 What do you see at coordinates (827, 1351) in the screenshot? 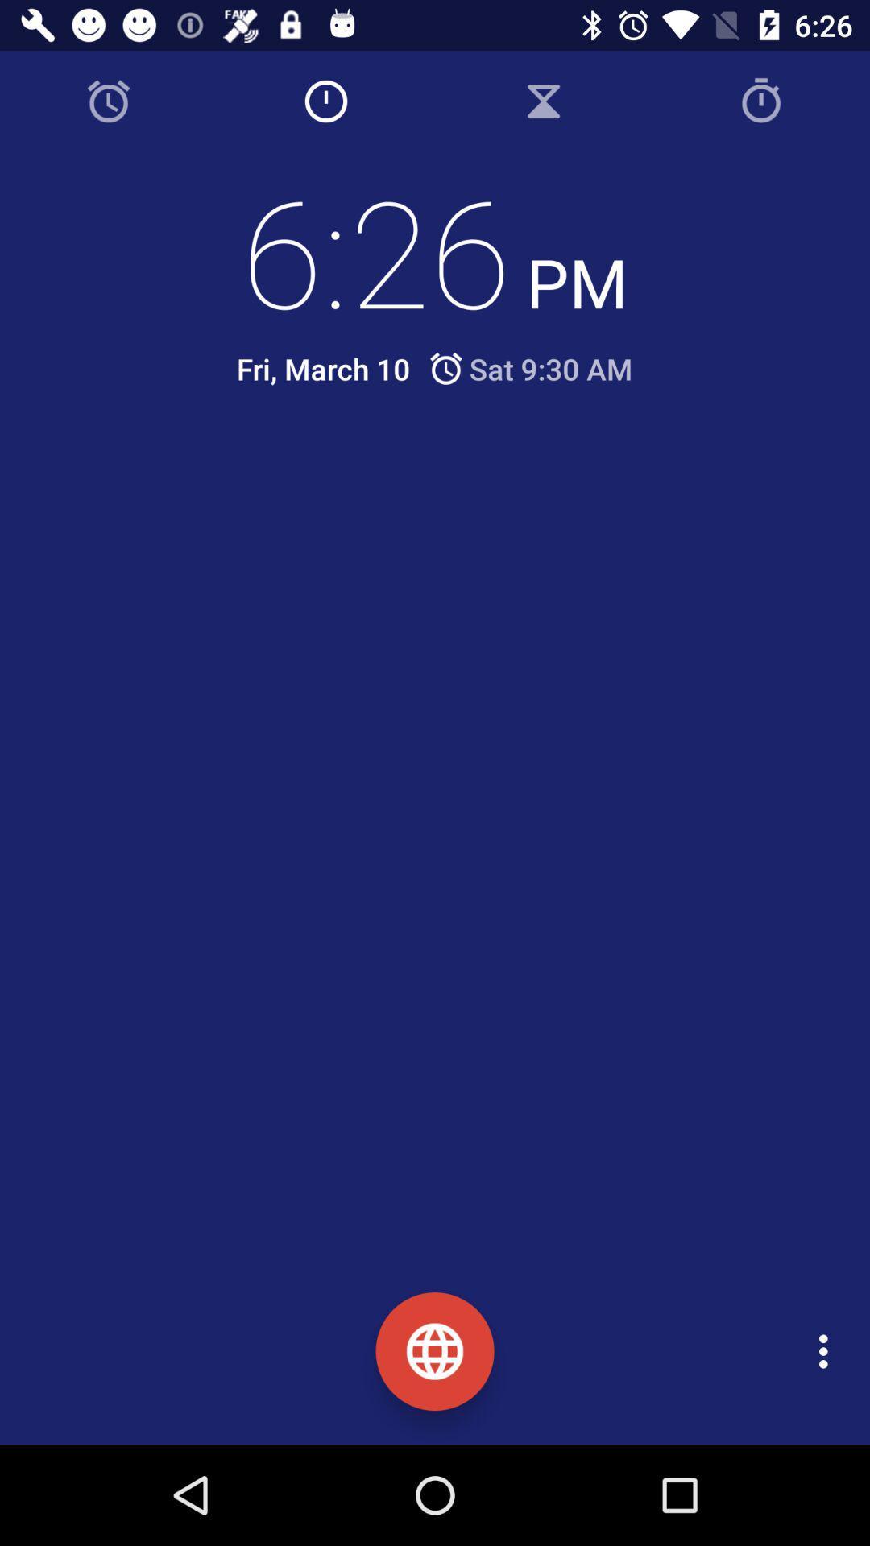
I see `the icon at the bottom right corner` at bounding box center [827, 1351].